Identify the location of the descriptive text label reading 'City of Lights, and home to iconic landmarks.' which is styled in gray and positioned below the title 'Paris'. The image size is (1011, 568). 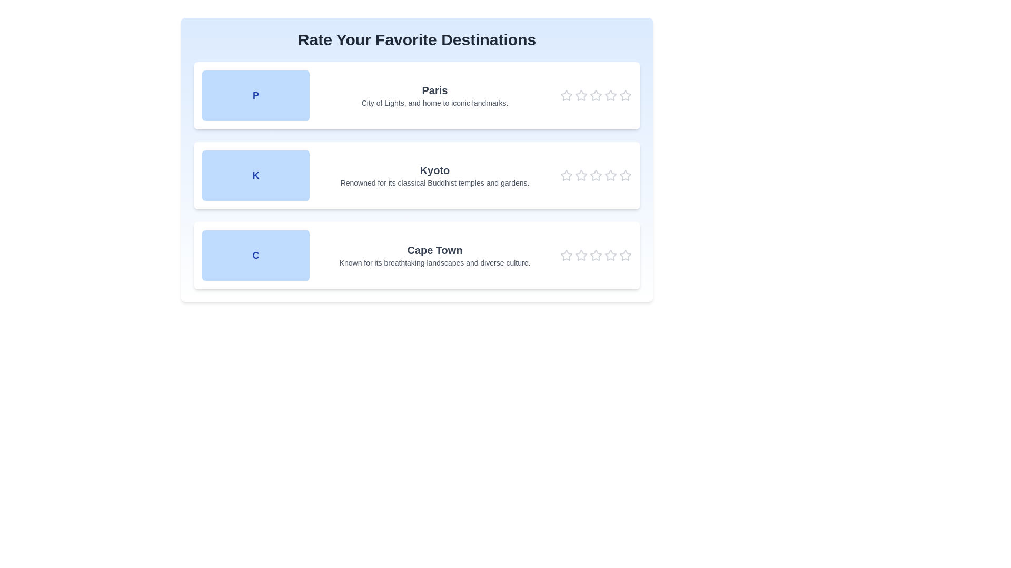
(434, 103).